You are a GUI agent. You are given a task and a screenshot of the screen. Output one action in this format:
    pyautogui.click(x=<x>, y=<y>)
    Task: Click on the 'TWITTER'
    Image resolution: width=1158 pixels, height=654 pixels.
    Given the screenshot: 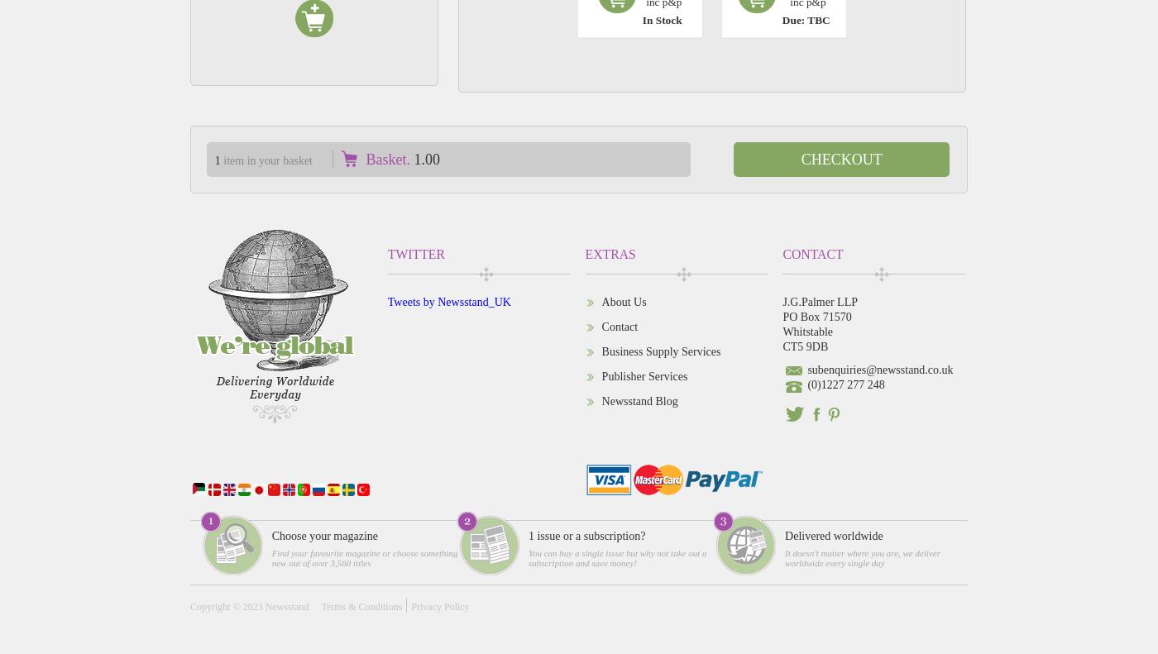 What is the action you would take?
    pyautogui.click(x=387, y=253)
    